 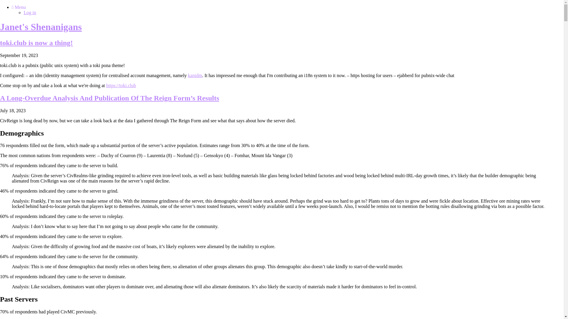 What do you see at coordinates (195, 75) in the screenshot?
I see `'kanidm'` at bounding box center [195, 75].